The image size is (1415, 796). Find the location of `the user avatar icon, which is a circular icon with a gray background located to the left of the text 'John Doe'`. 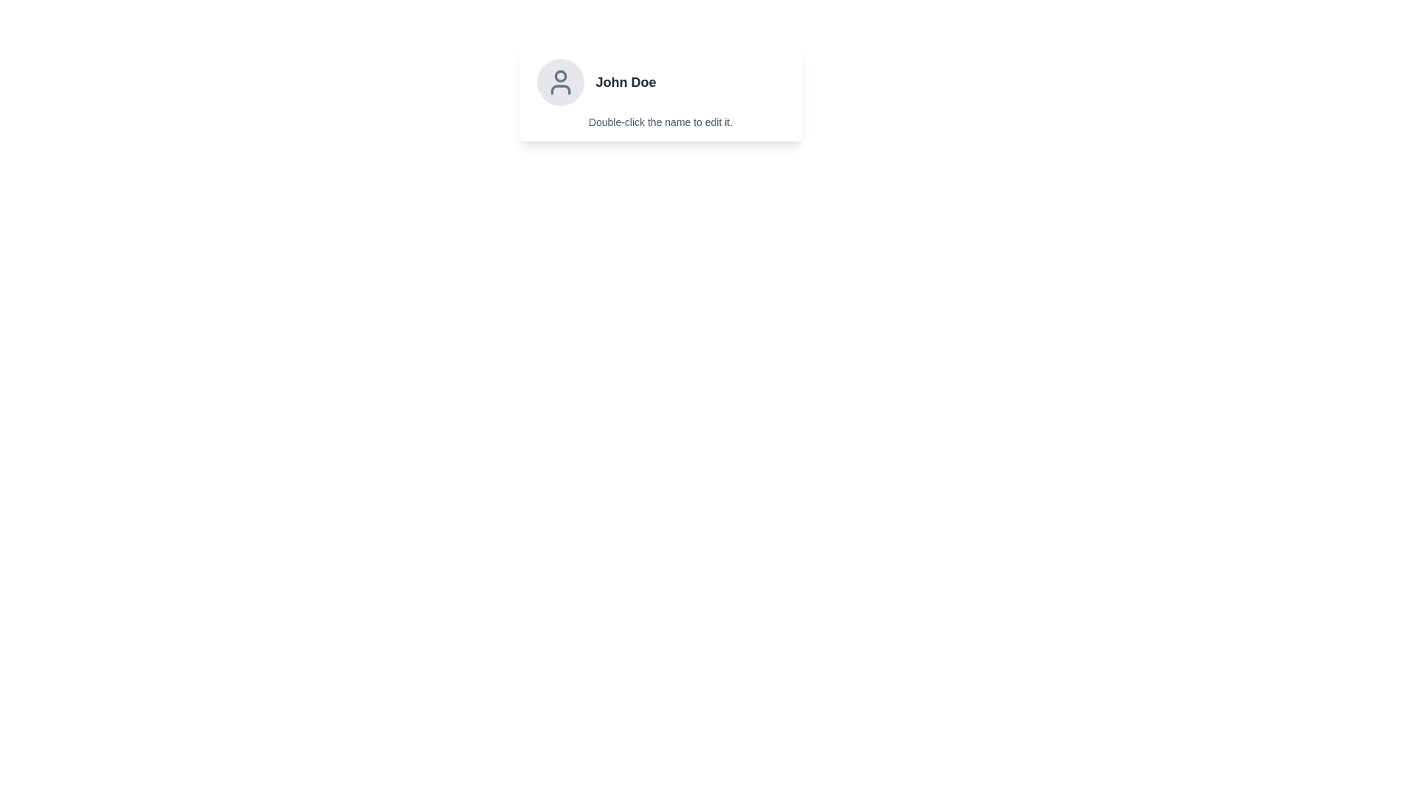

the user avatar icon, which is a circular icon with a gray background located to the left of the text 'John Doe' is located at coordinates (559, 82).